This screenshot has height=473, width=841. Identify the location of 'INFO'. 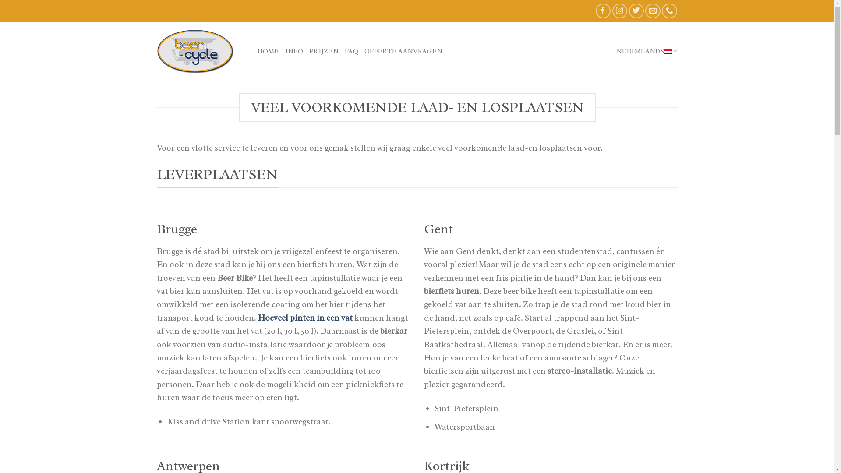
(294, 50).